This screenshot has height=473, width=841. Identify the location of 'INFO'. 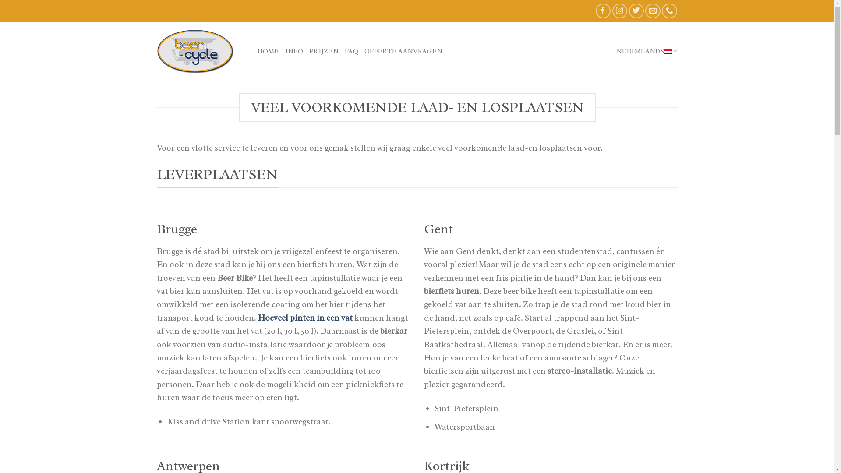
(294, 50).